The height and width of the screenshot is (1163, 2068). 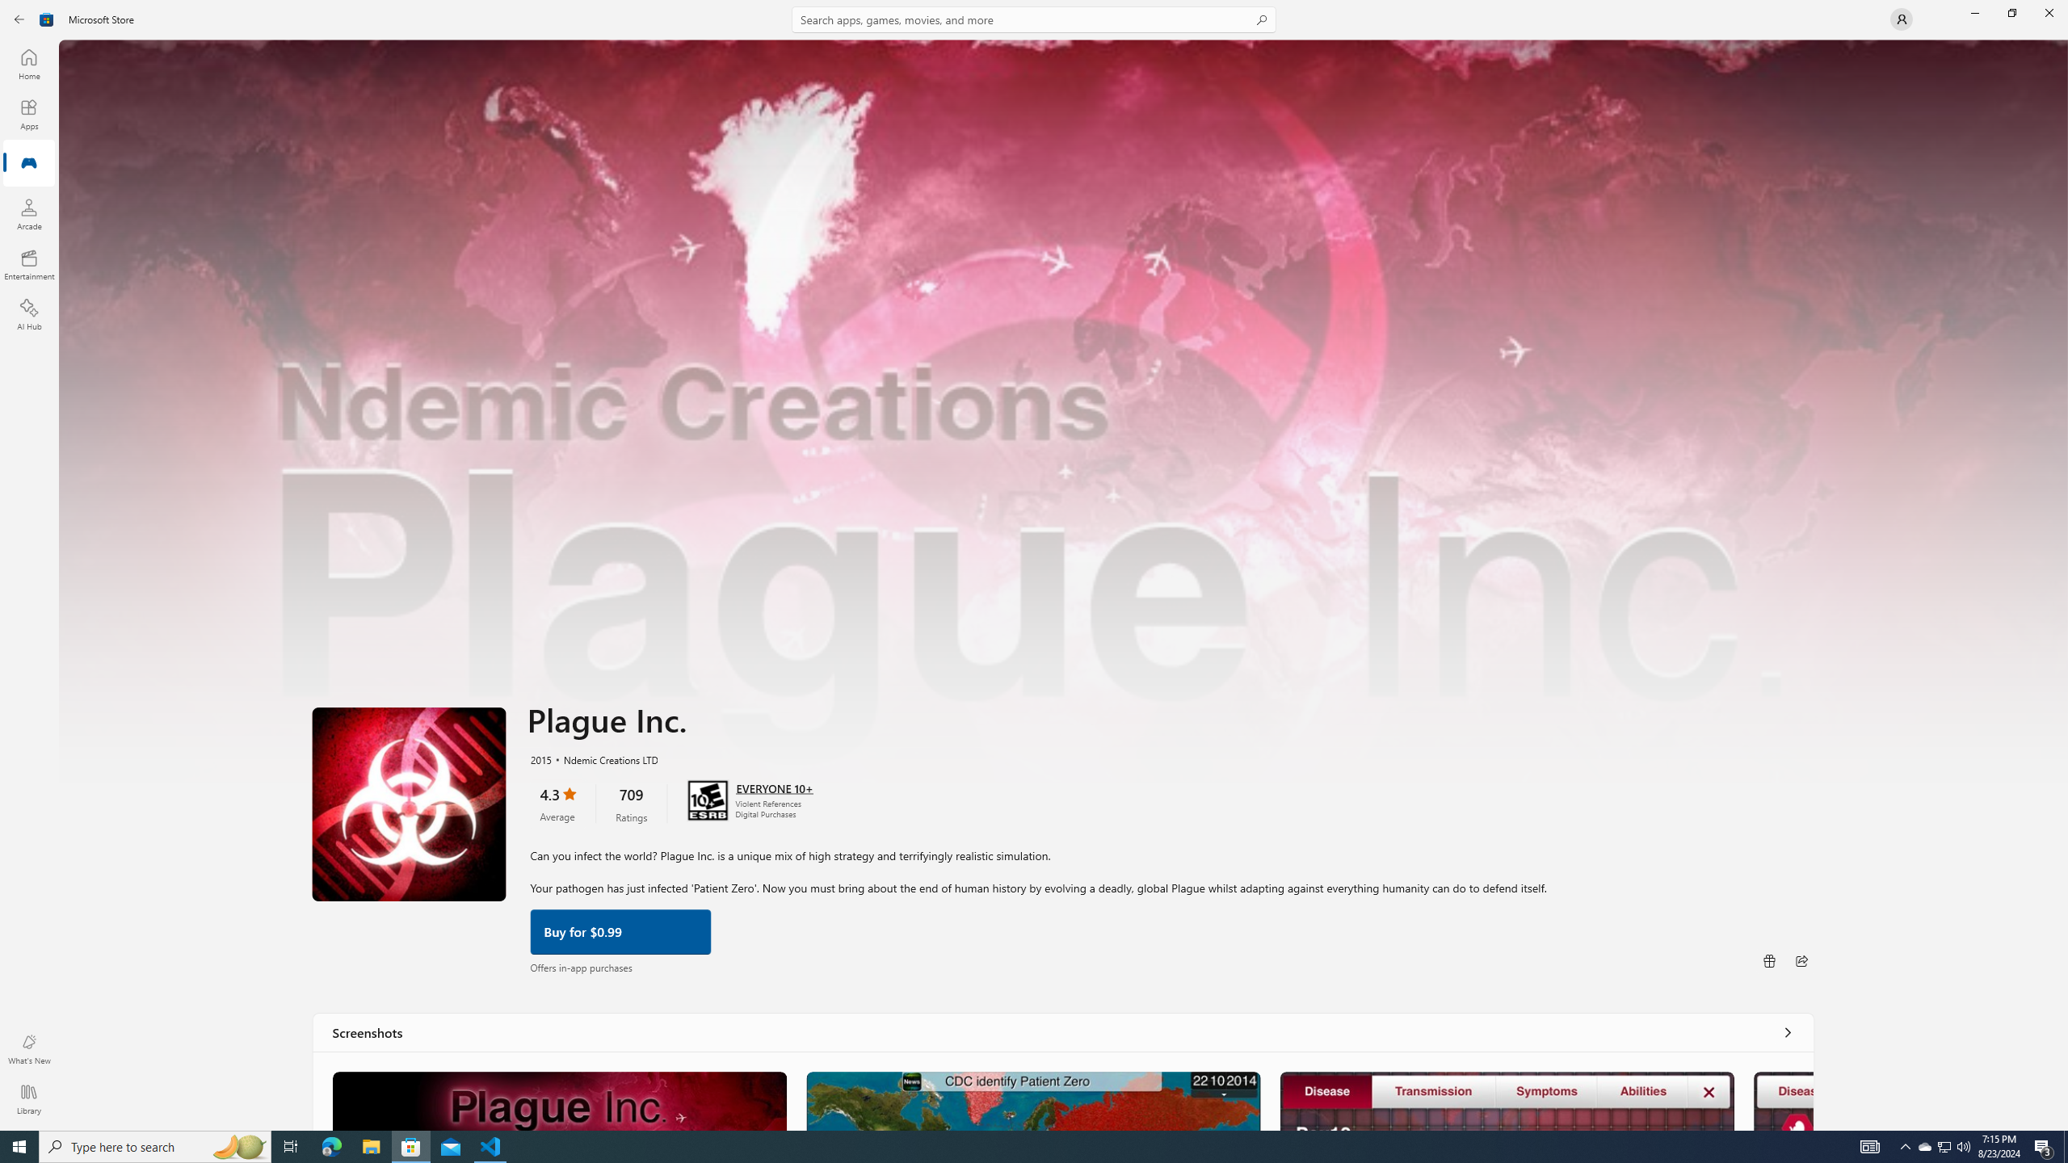 What do you see at coordinates (1788, 1032) in the screenshot?
I see `'See all'` at bounding box center [1788, 1032].